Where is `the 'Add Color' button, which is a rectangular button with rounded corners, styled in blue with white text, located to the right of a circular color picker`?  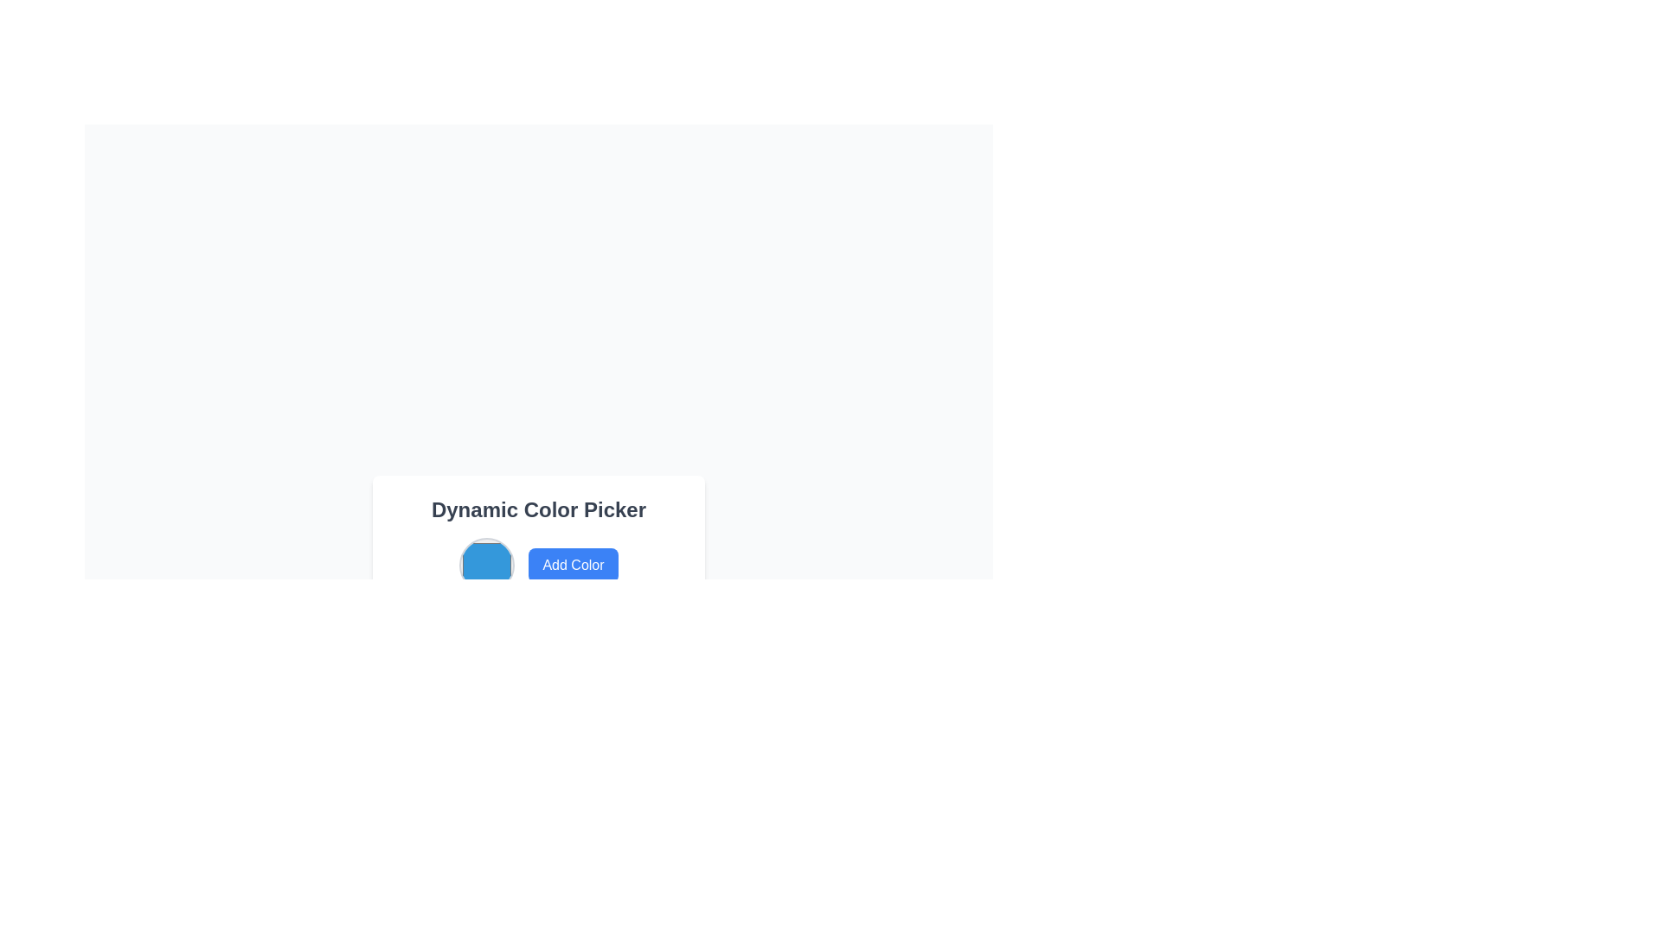
the 'Add Color' button, which is a rectangular button with rounded corners, styled in blue with white text, located to the right of a circular color picker is located at coordinates (573, 566).